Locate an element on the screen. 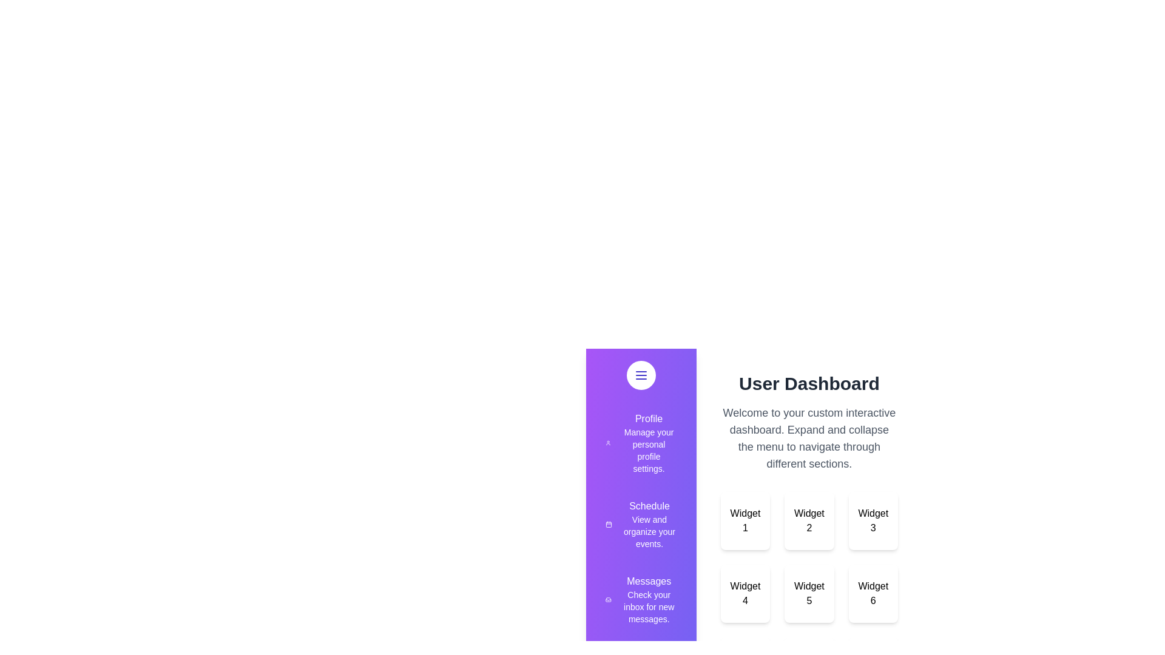 This screenshot has height=655, width=1165. the drawer item labeled 'Profile' to observe its hover effect is located at coordinates (640, 443).